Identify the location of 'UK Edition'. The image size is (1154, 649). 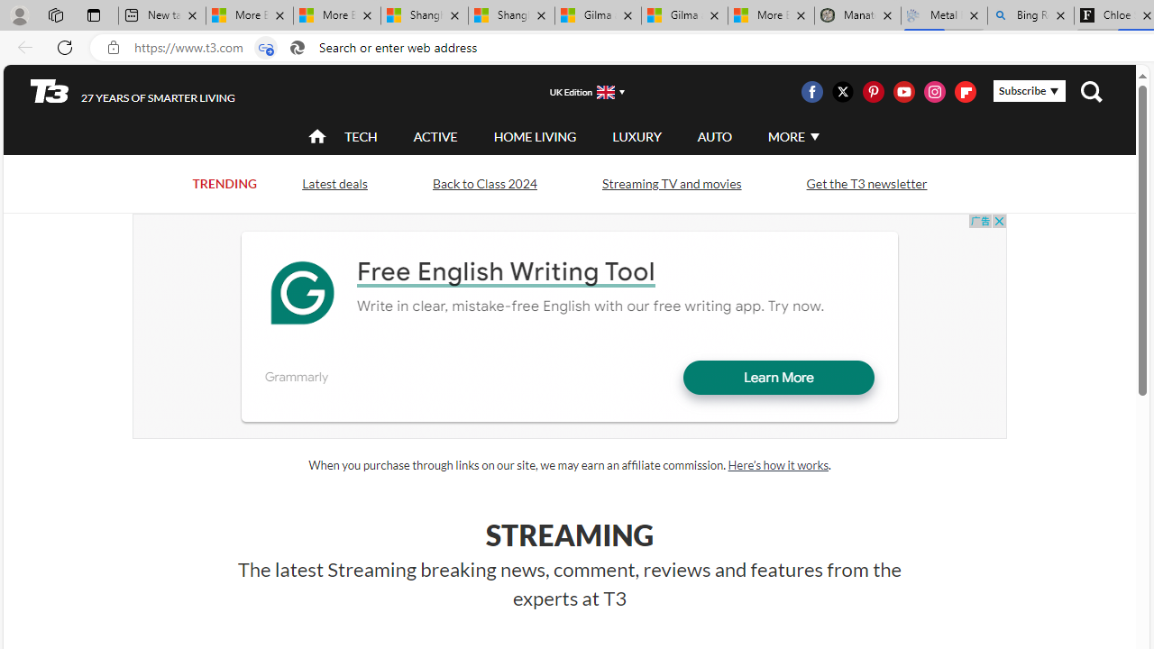
(580, 91).